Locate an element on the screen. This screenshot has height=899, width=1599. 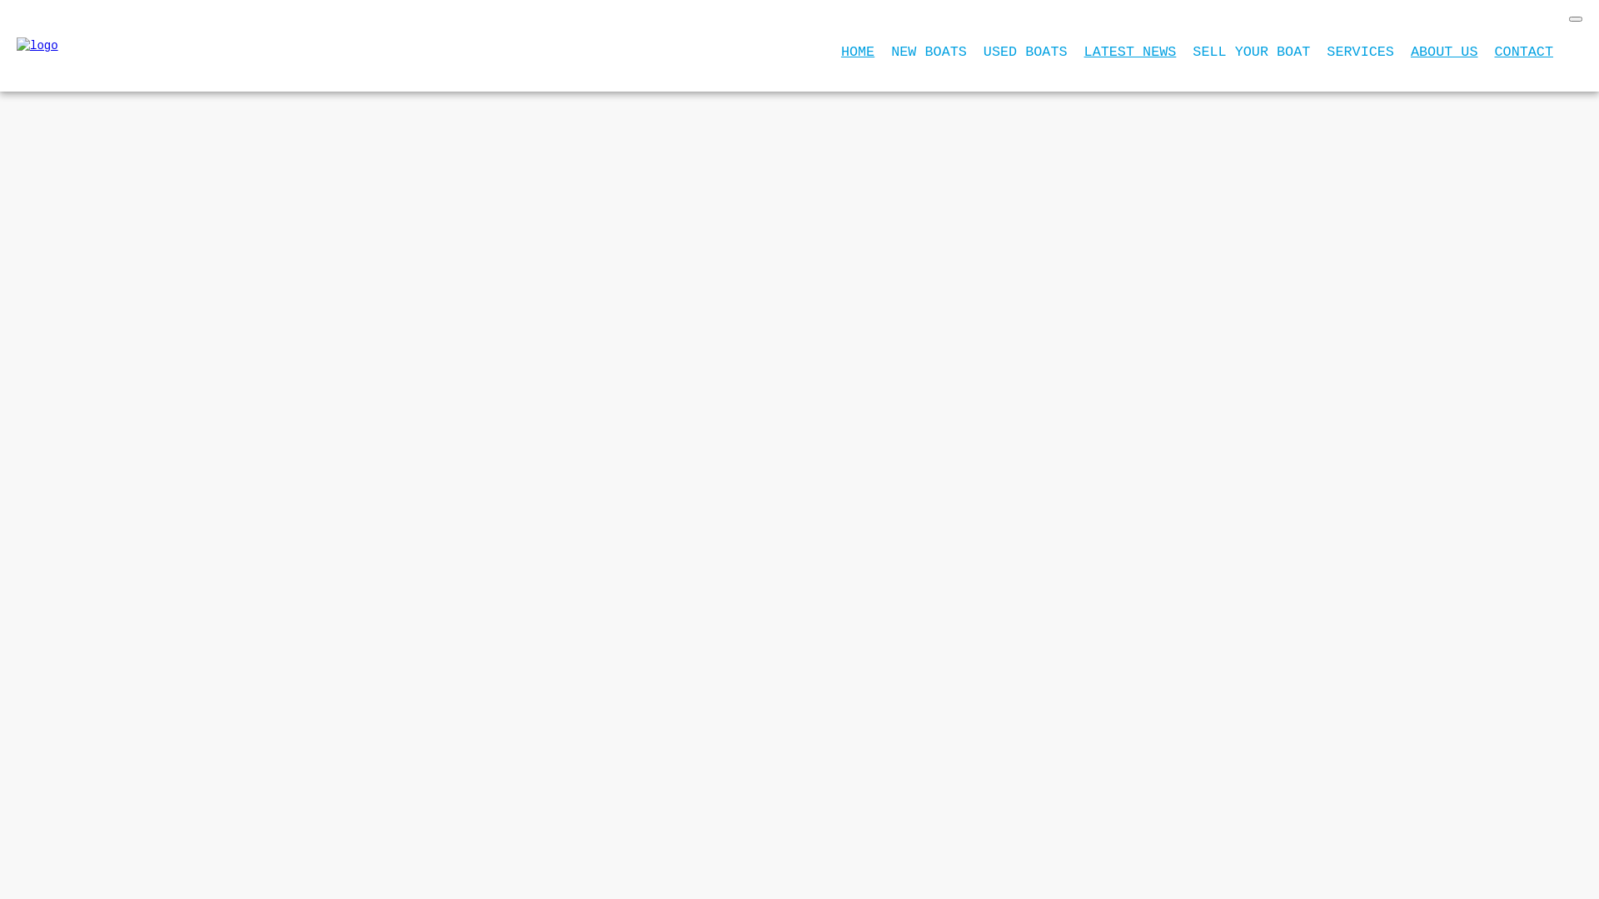
'LATEST NEWS' is located at coordinates (1130, 51).